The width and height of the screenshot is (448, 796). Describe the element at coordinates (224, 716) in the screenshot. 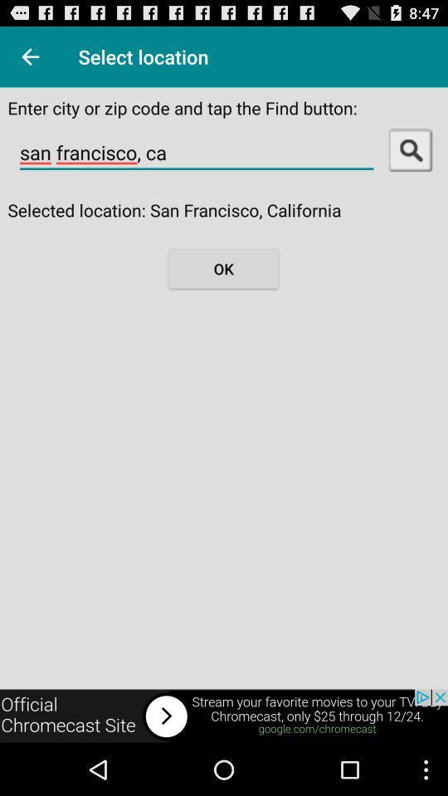

I see `back` at that location.